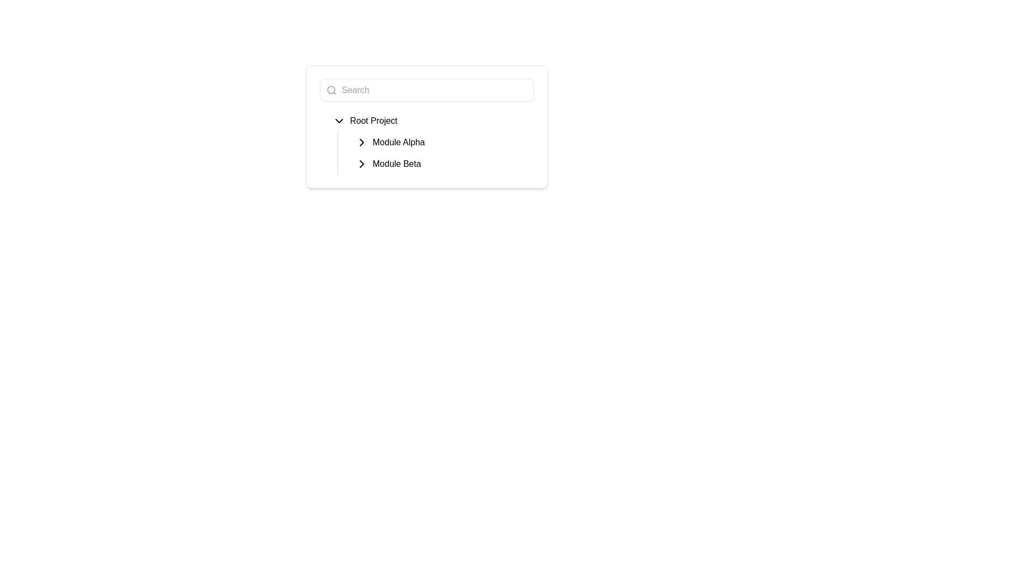  I want to click on the 'Module Alpha' text label, so click(398, 142).